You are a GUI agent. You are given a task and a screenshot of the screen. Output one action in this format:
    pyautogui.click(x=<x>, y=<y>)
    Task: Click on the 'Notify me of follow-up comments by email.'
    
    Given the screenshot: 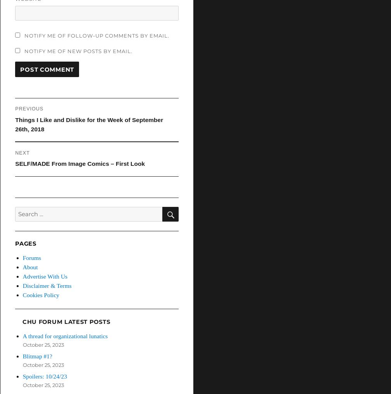 What is the action you would take?
    pyautogui.click(x=96, y=35)
    